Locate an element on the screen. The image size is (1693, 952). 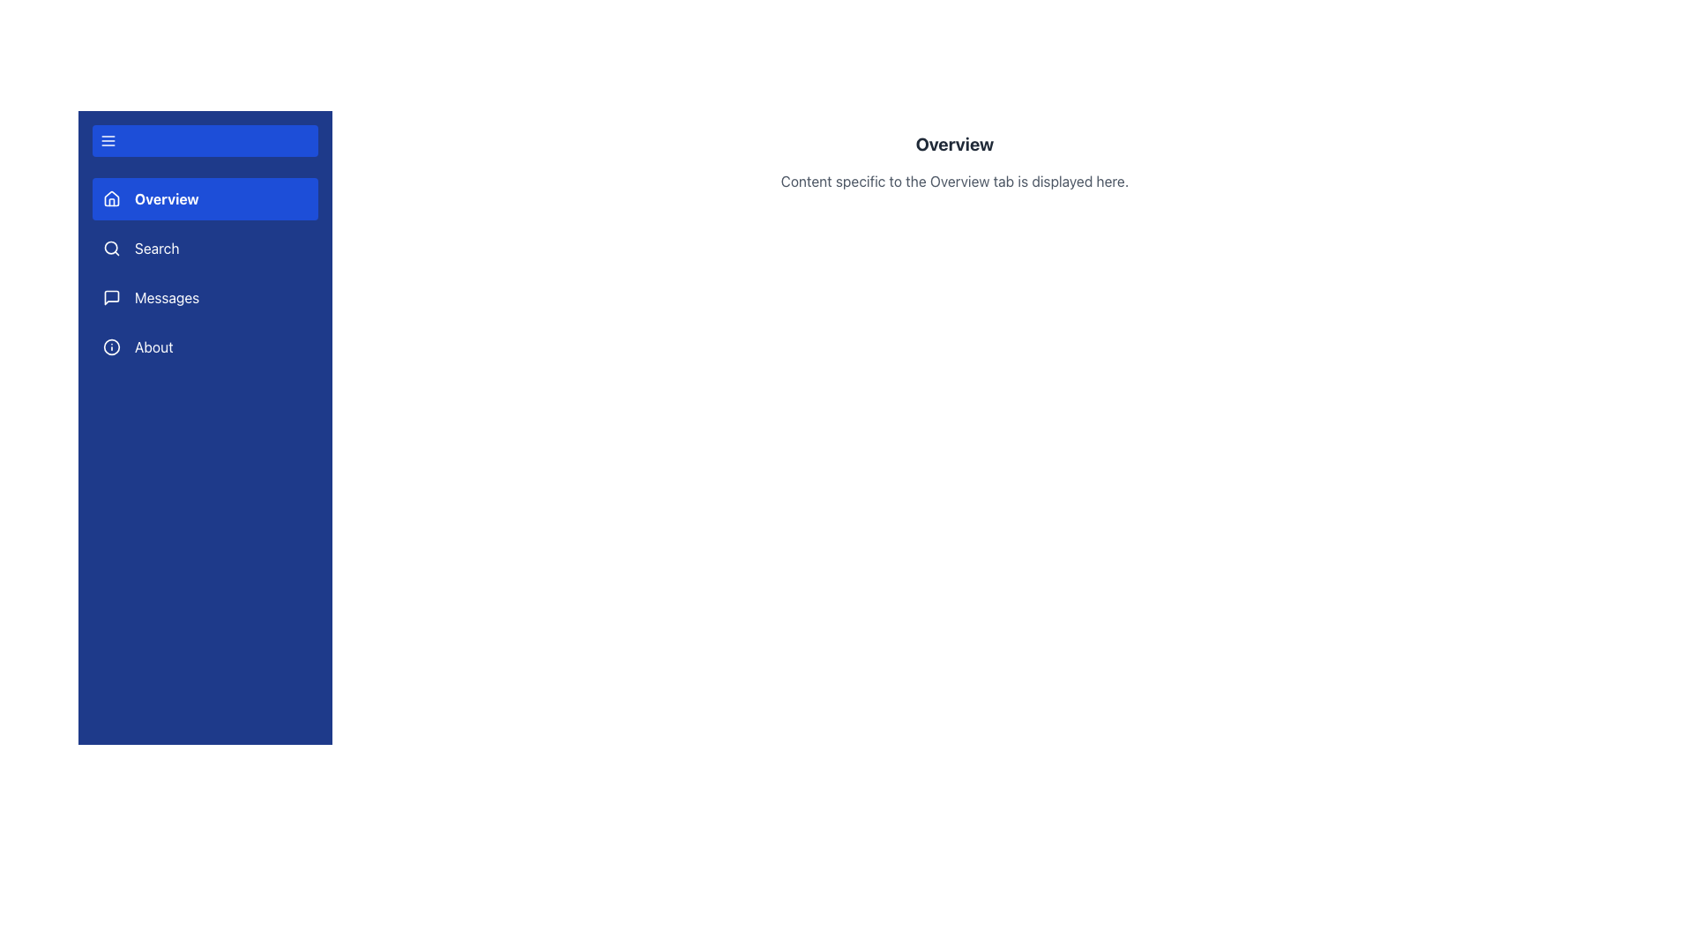
the messaging icon located beside the 'Messages' label in the vertical navigation menu is located at coordinates (110, 297).